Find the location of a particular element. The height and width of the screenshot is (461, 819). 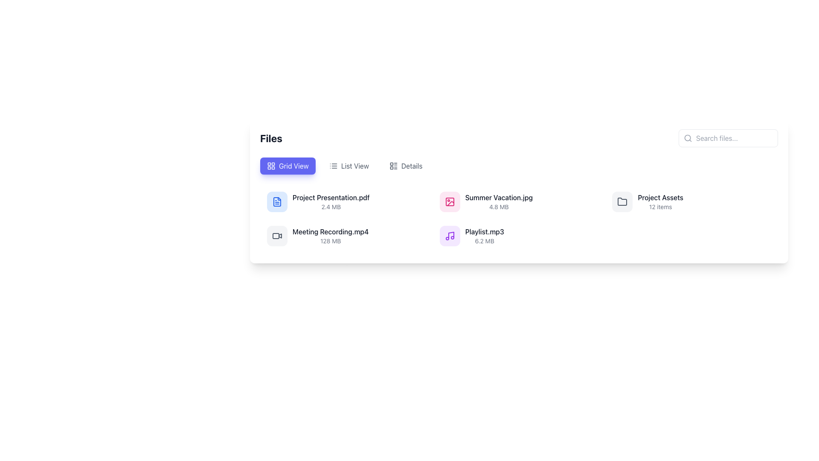

the 'Grid View' button, which is a rectangular button with a purple background and white text, located at the top of a file interface is located at coordinates (288, 166).